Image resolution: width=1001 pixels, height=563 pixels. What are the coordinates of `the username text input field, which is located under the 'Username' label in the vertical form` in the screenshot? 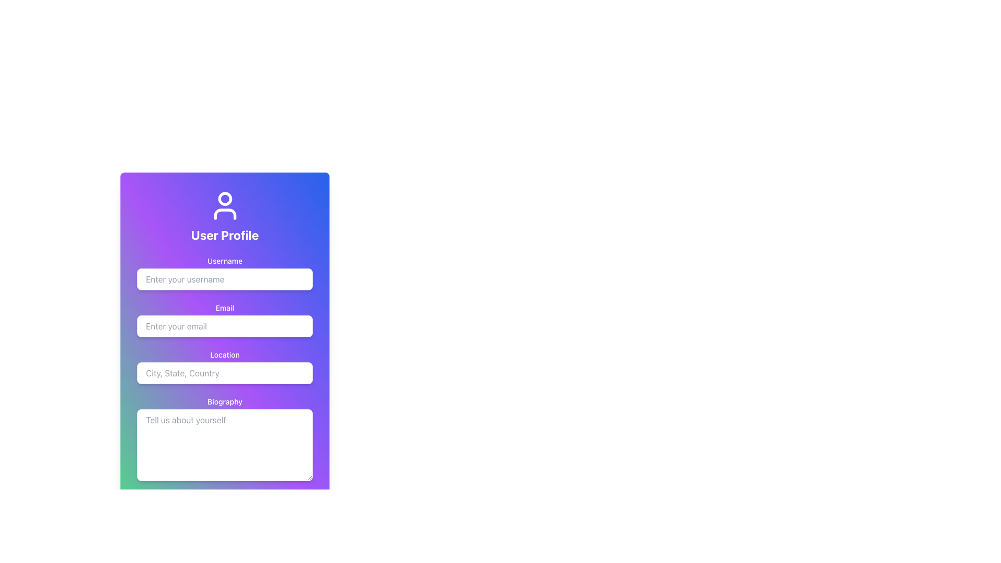 It's located at (224, 273).